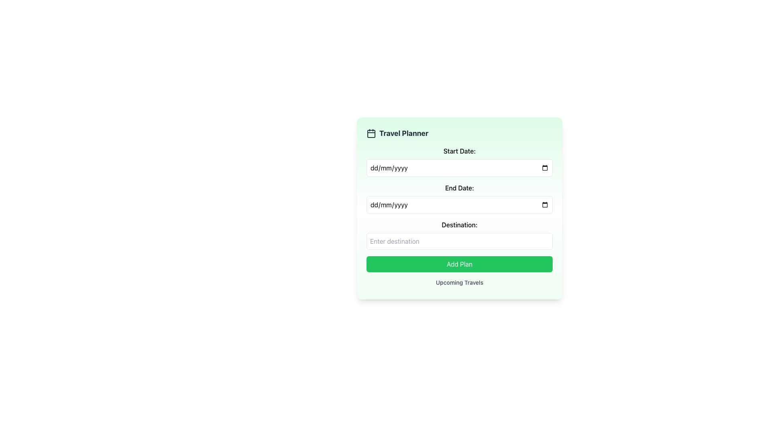 Image resolution: width=770 pixels, height=433 pixels. I want to click on the text element displaying 'Upcoming Travels', located at the bottom of the 'Travel Planner' section, directly below the 'Add Plan' button, so click(460, 282).